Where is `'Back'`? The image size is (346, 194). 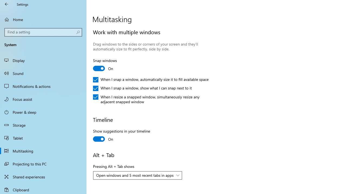 'Back' is located at coordinates (6, 4).